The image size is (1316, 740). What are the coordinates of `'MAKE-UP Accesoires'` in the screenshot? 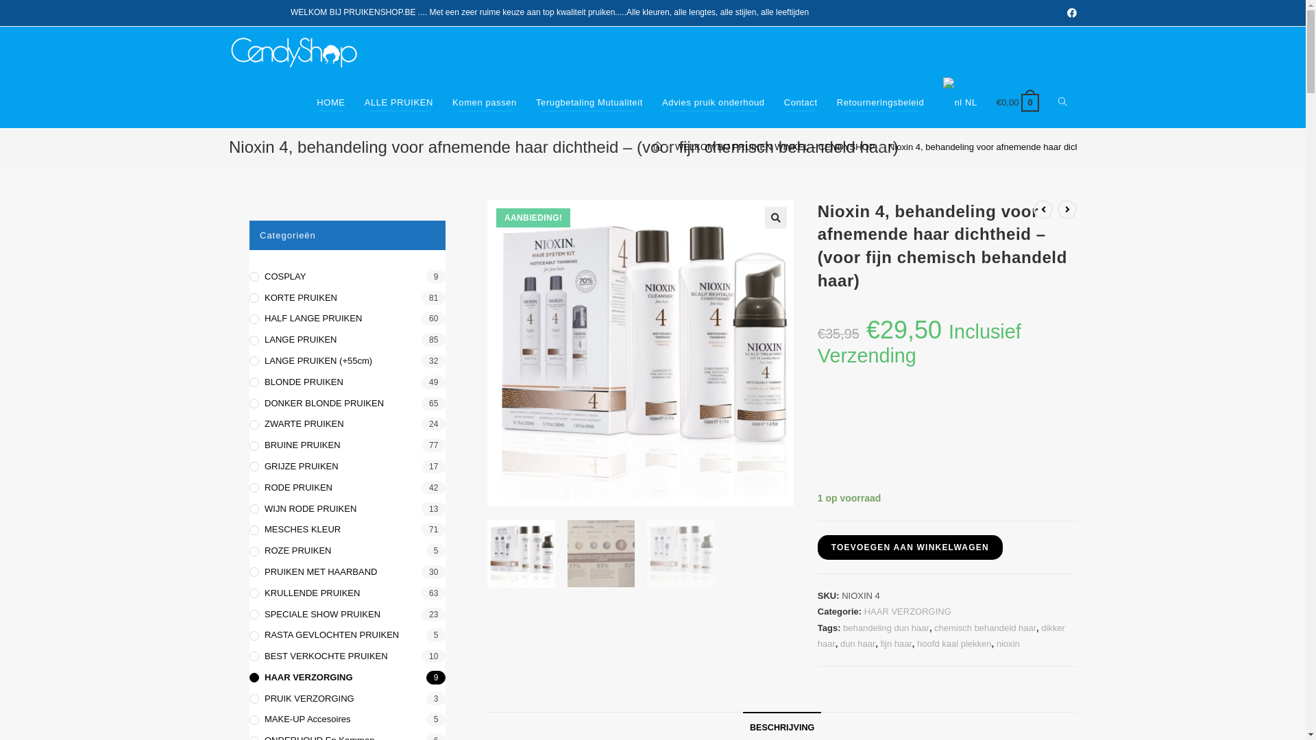 It's located at (348, 719).